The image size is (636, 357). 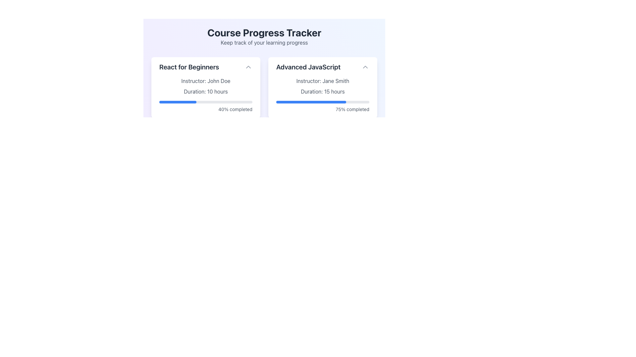 What do you see at coordinates (248, 67) in the screenshot?
I see `the toggle button located at the top-right corner of the 'React for Beginners' section` at bounding box center [248, 67].